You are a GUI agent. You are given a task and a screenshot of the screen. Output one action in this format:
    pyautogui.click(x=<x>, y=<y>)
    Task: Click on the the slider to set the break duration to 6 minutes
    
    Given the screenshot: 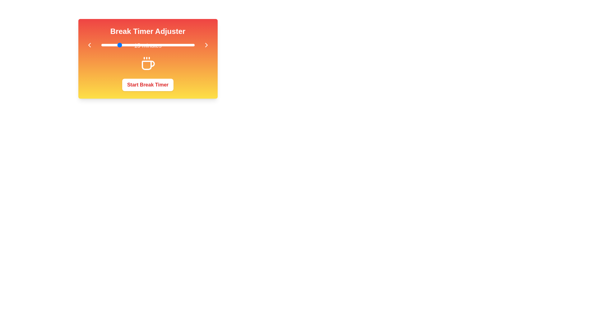 What is the action you would take?
    pyautogui.click(x=103, y=45)
    